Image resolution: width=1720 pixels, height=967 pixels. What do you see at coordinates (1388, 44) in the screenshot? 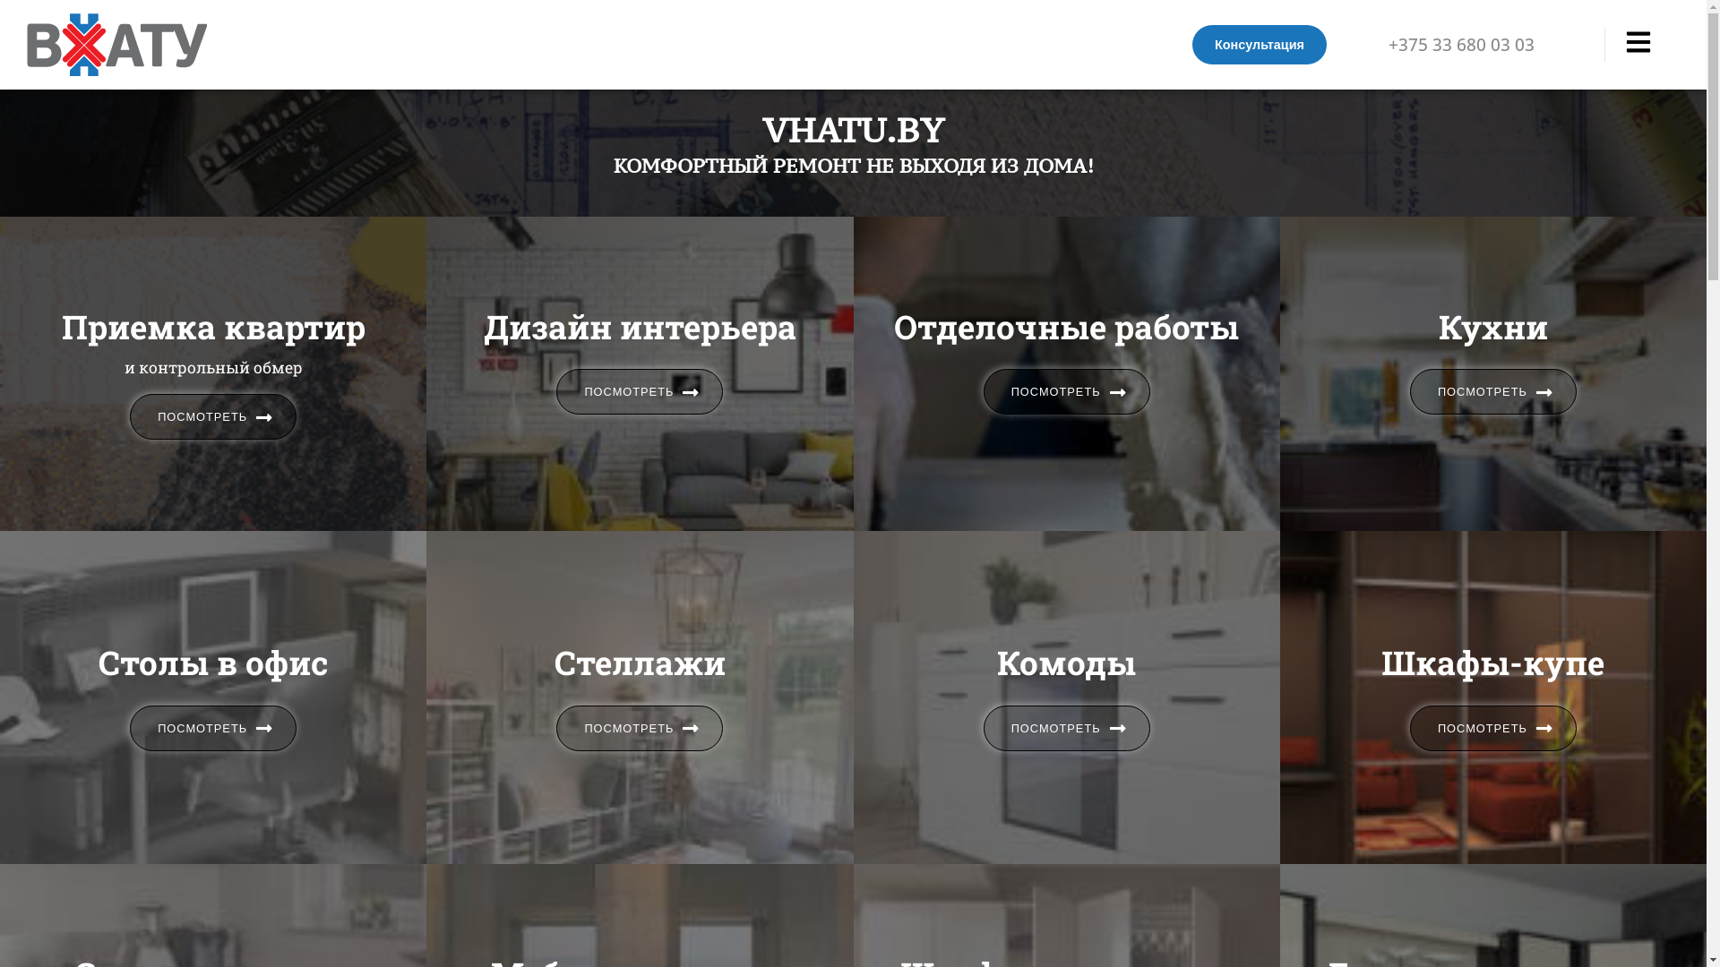
I see `'+375 33 680 03 03'` at bounding box center [1388, 44].